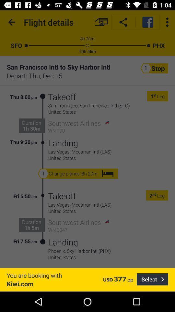 This screenshot has height=312, width=175. What do you see at coordinates (12, 22) in the screenshot?
I see `the icon above the sfo icon` at bounding box center [12, 22].